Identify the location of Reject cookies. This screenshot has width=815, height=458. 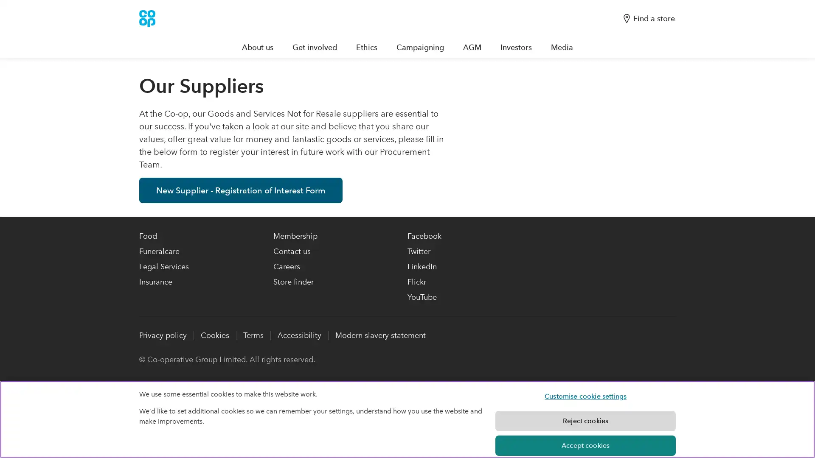
(585, 421).